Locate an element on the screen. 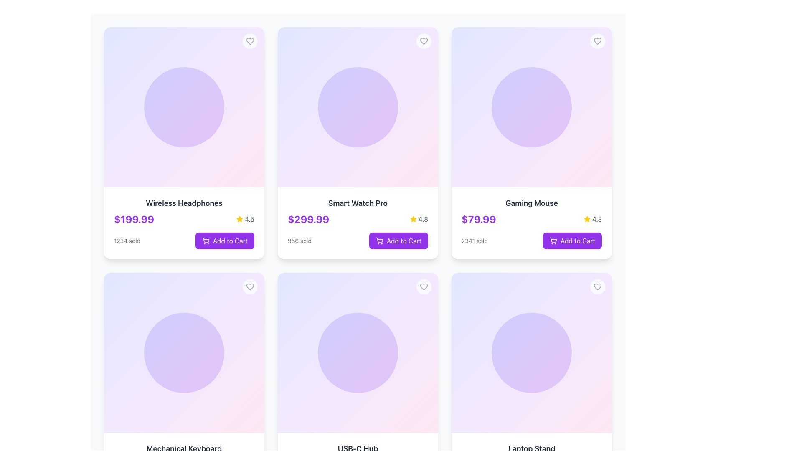 This screenshot has width=802, height=451. the circular gradient Decorative Shape located at the center of the Wireless Headphones product card, which transitions from indigo to purple is located at coordinates (184, 107).